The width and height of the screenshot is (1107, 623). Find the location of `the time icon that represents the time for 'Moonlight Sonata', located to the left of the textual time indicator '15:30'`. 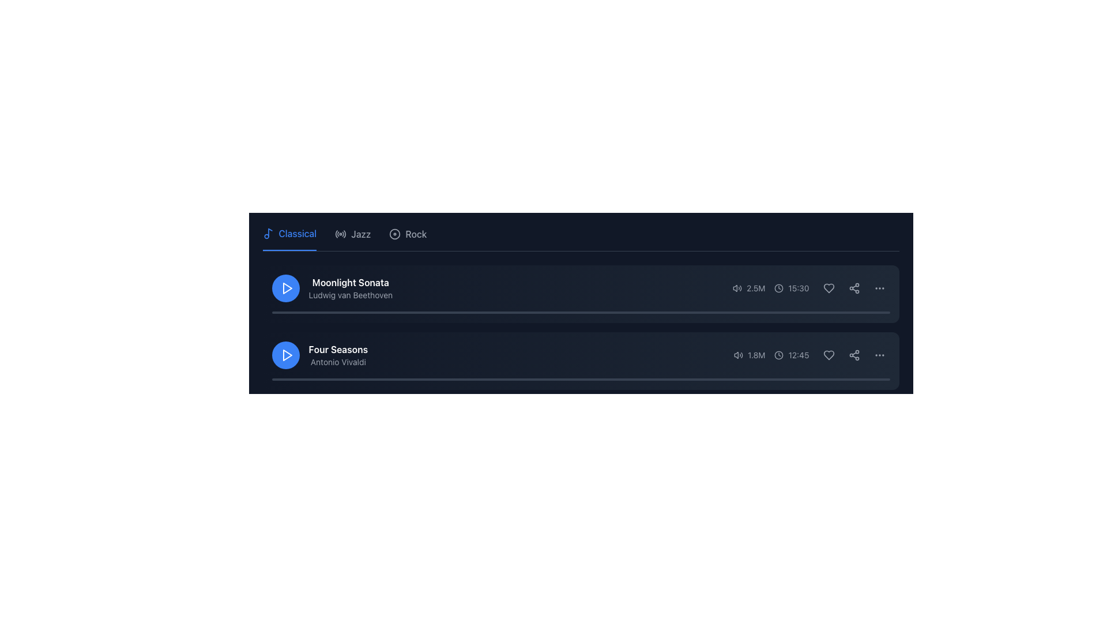

the time icon that represents the time for 'Moonlight Sonata', located to the left of the textual time indicator '15:30' is located at coordinates (779, 288).